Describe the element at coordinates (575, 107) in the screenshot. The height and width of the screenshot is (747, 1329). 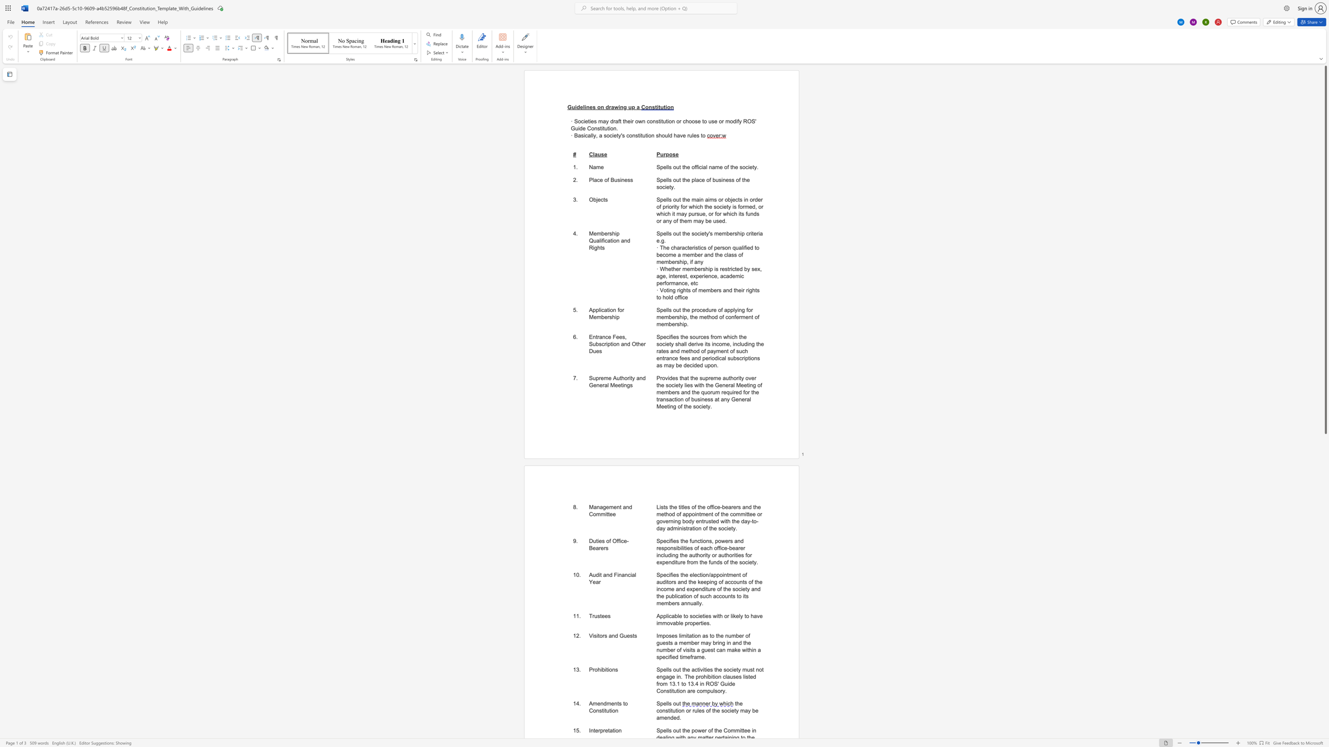
I see `the subset text "idelines o" within the text "Guidelines on drawing up a"` at that location.